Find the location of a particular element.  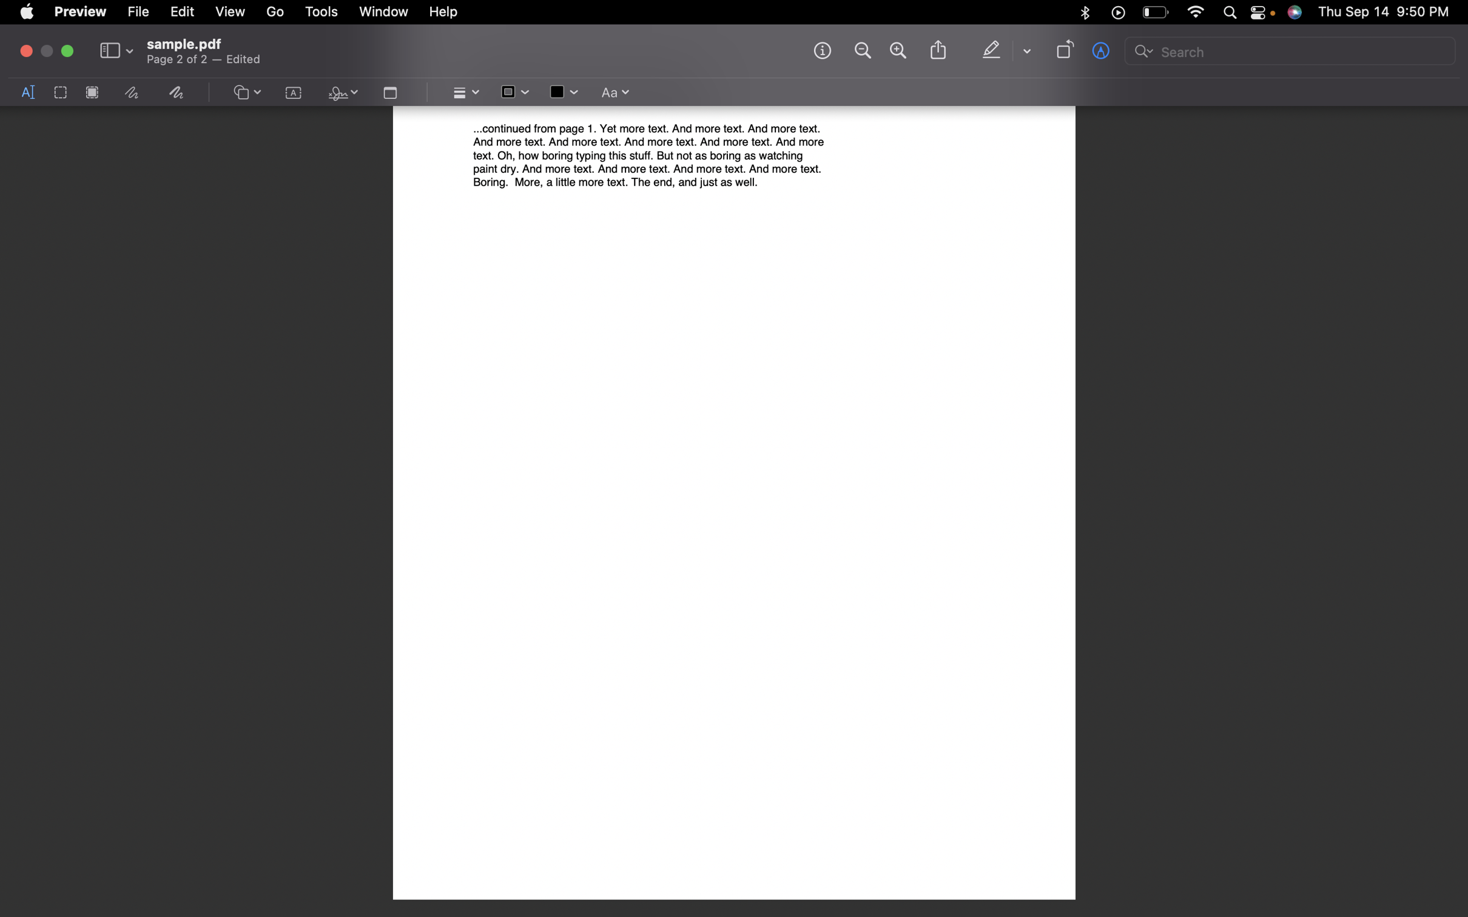

Add a signature to the document is located at coordinates (340, 93).